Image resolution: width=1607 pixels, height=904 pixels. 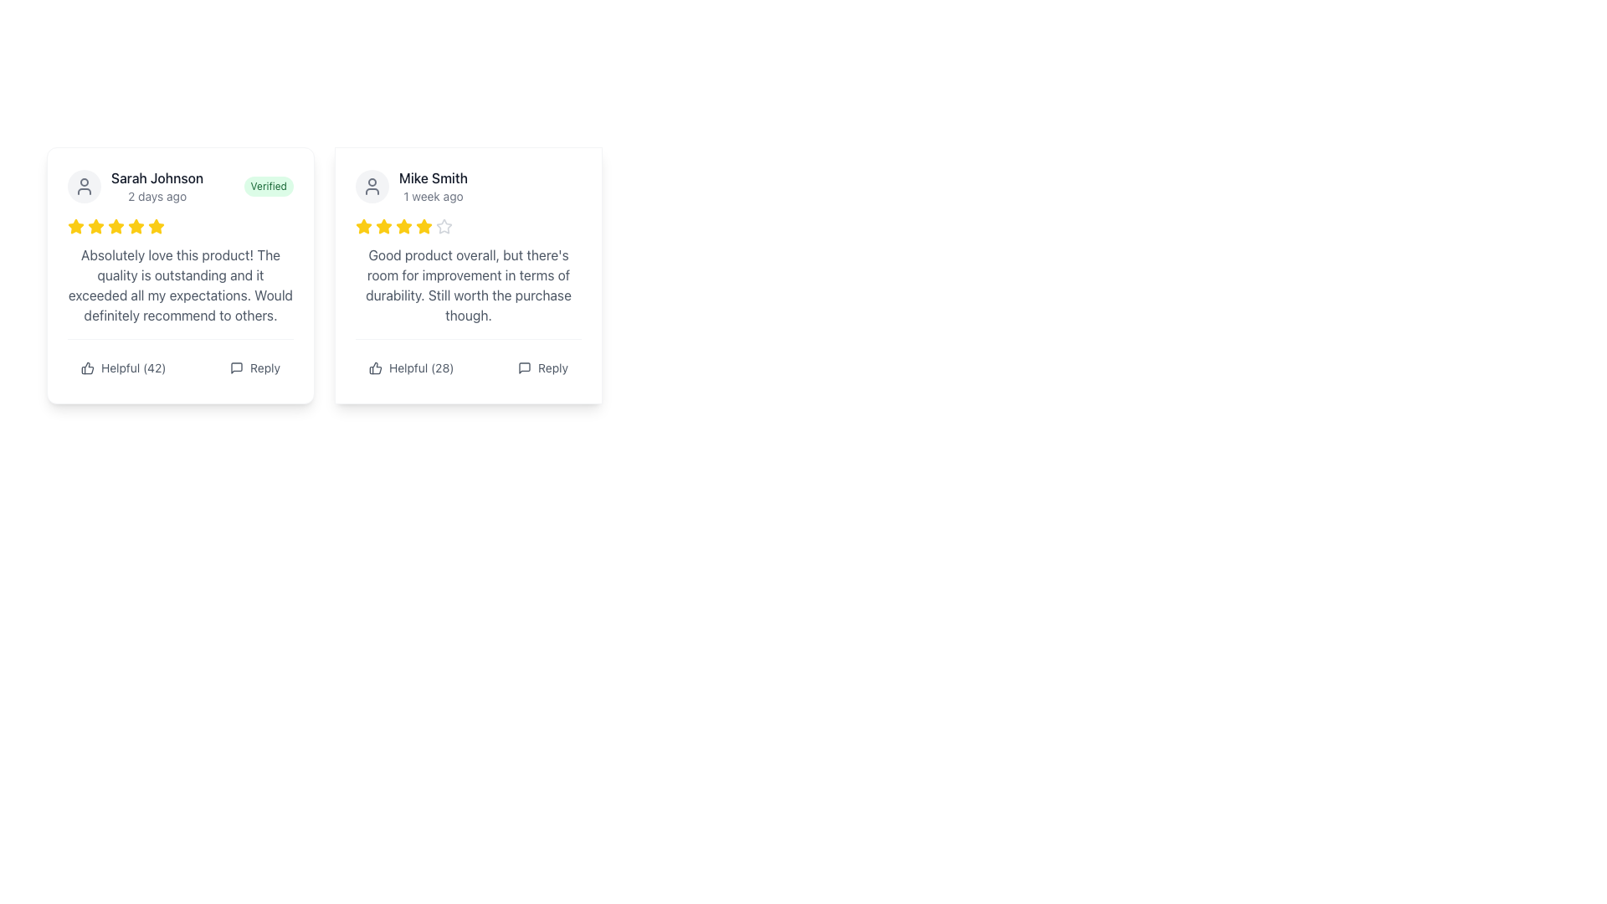 What do you see at coordinates (404, 226) in the screenshot?
I see `the second star icon in the rating system located in the top right quadrant of the second review card` at bounding box center [404, 226].